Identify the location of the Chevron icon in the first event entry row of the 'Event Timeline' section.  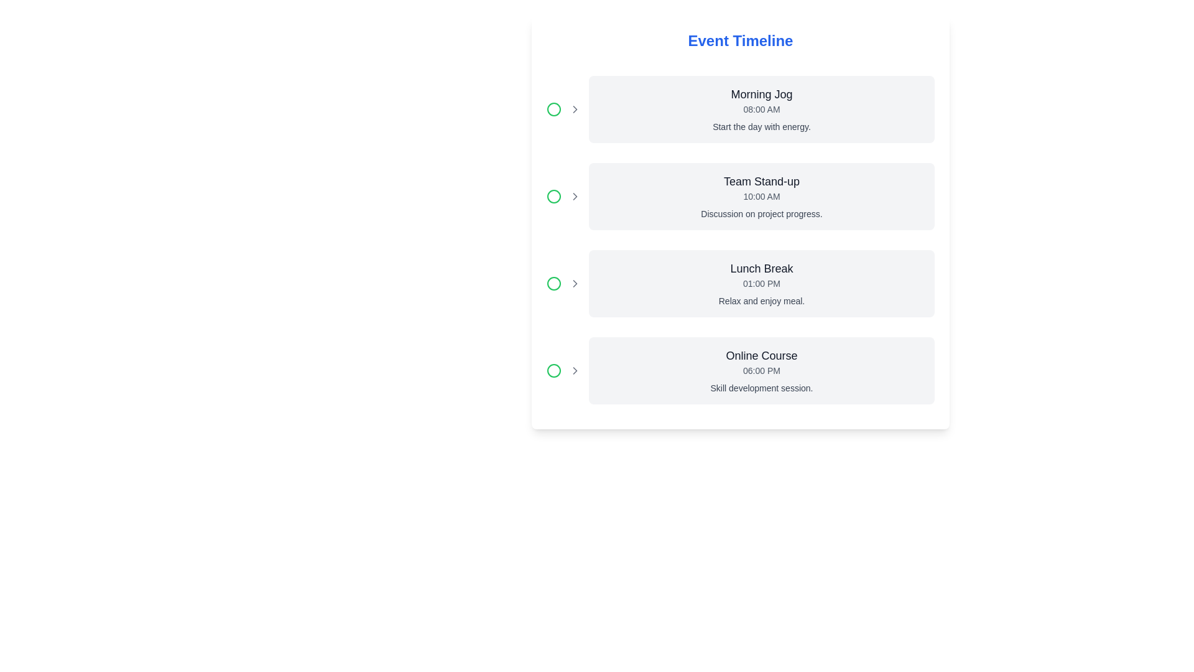
(575, 109).